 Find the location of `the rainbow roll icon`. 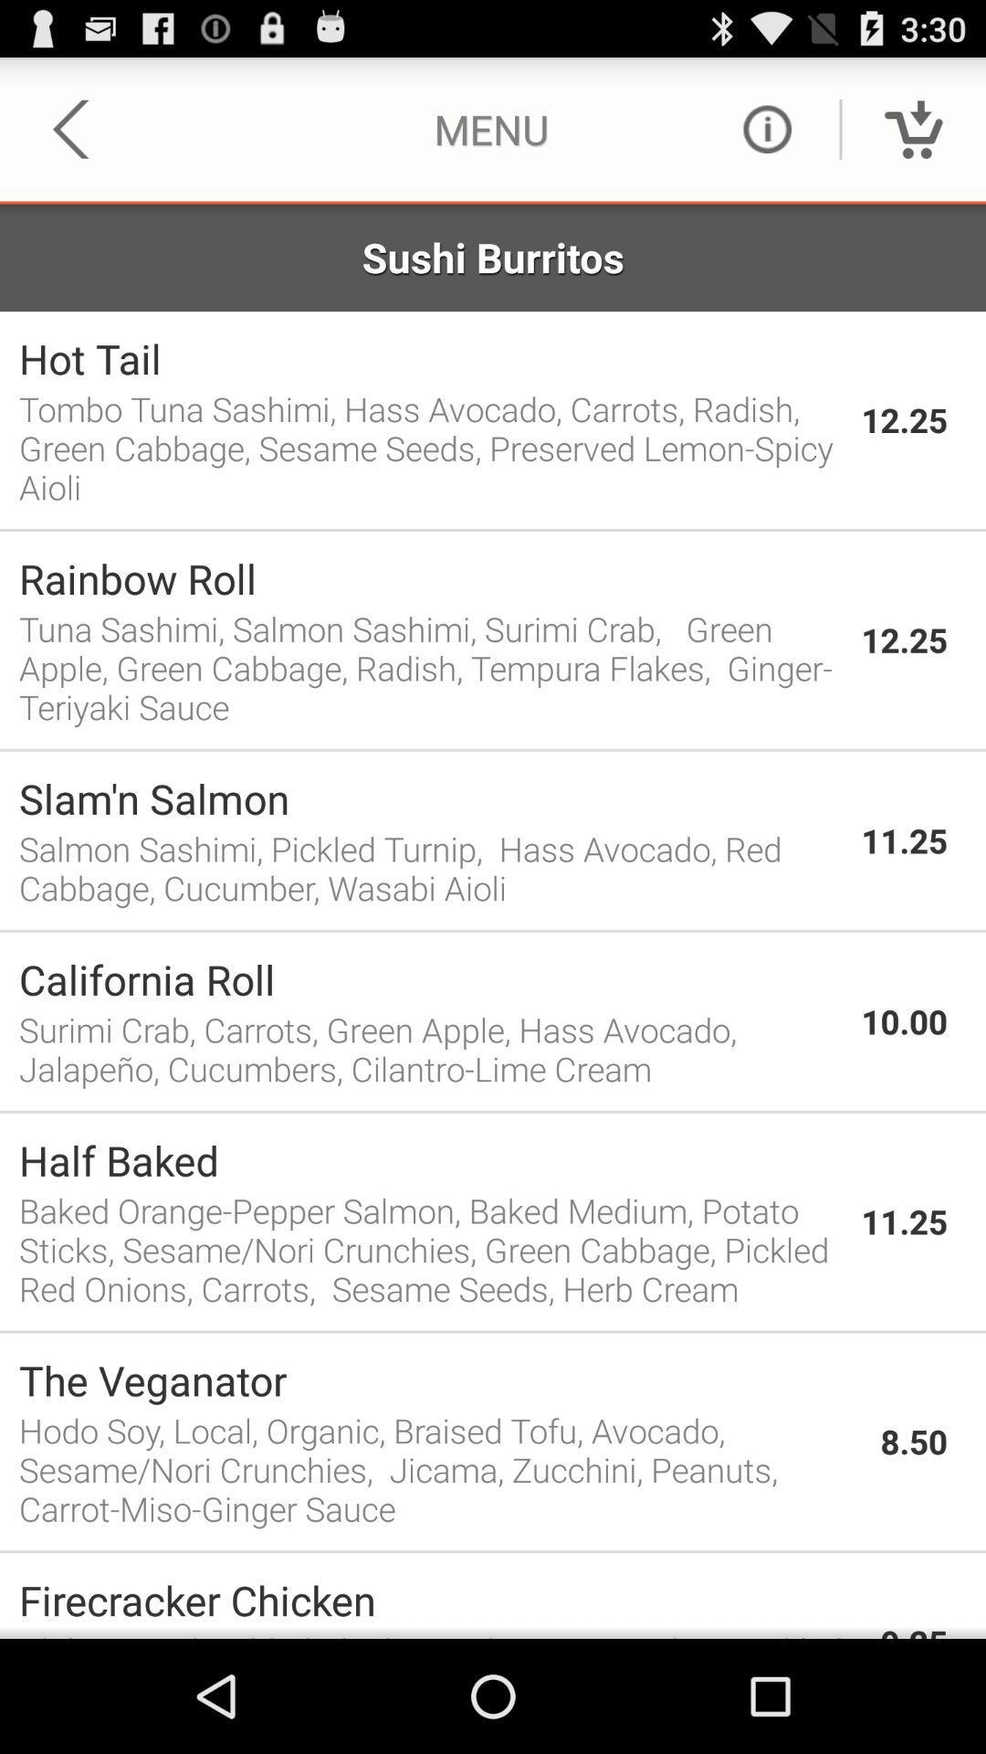

the rainbow roll icon is located at coordinates (430, 577).